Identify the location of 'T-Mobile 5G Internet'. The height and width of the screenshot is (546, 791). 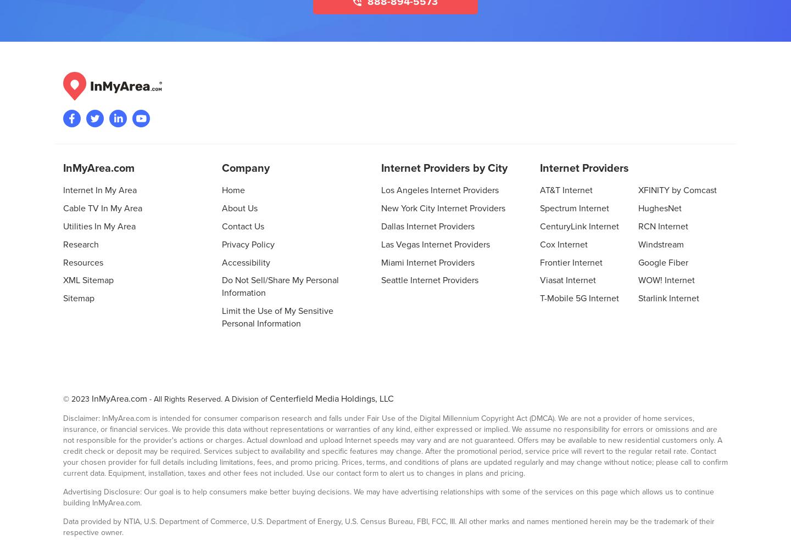
(578, 298).